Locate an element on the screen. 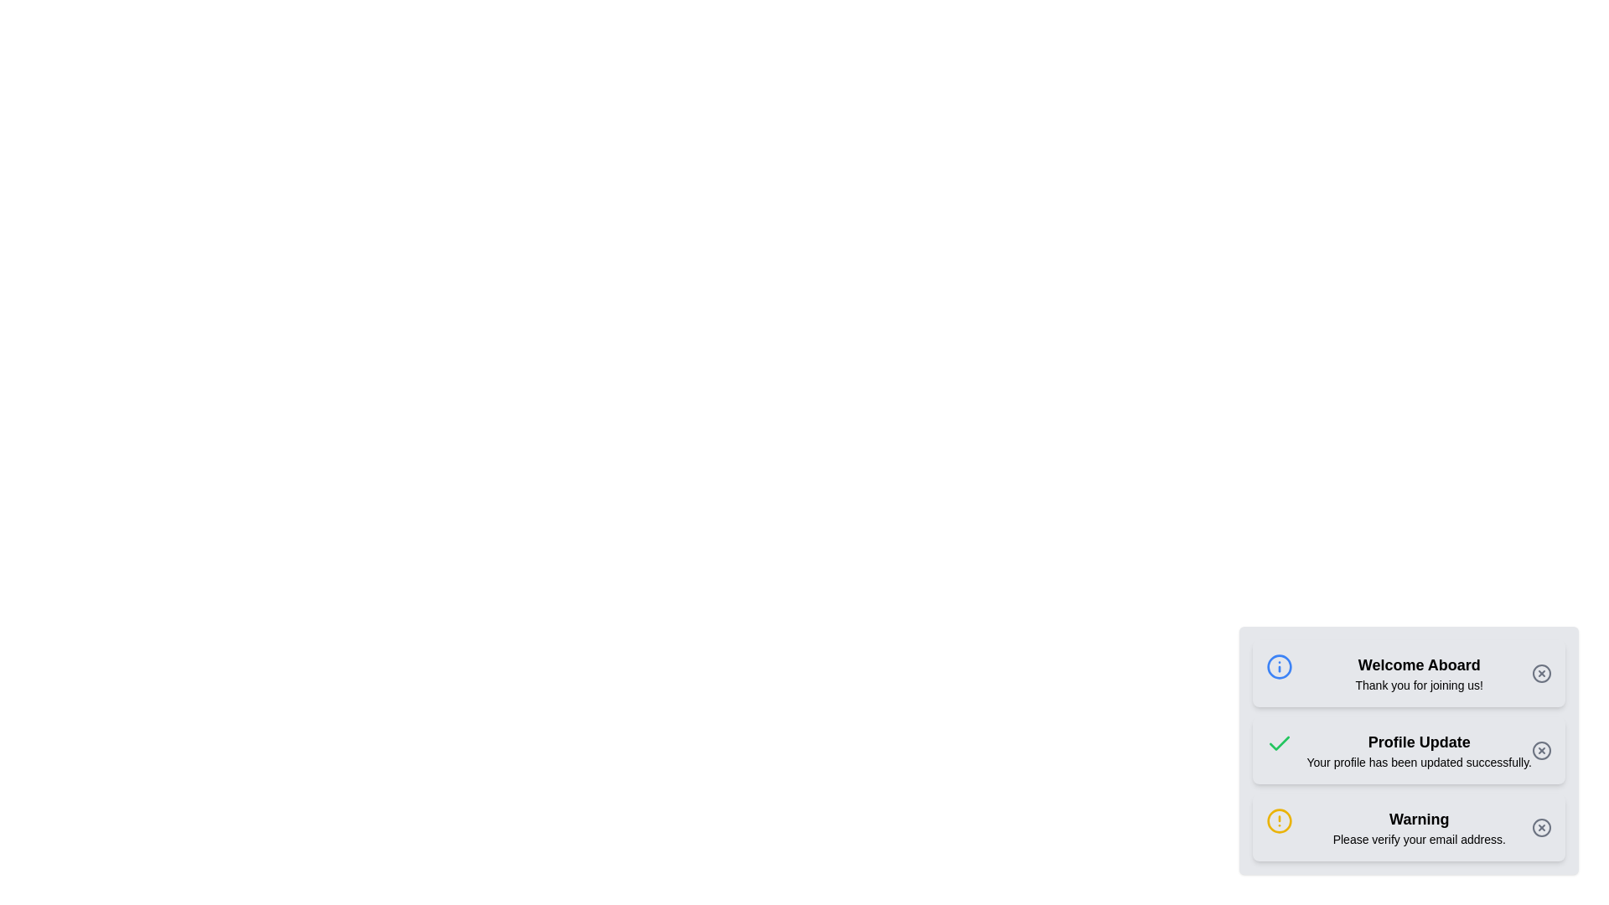  the text label that serves as the title for the notification card, located in the middle of the second row, above the subtext 'Your profile has been updated successfully.' is located at coordinates (1418, 742).